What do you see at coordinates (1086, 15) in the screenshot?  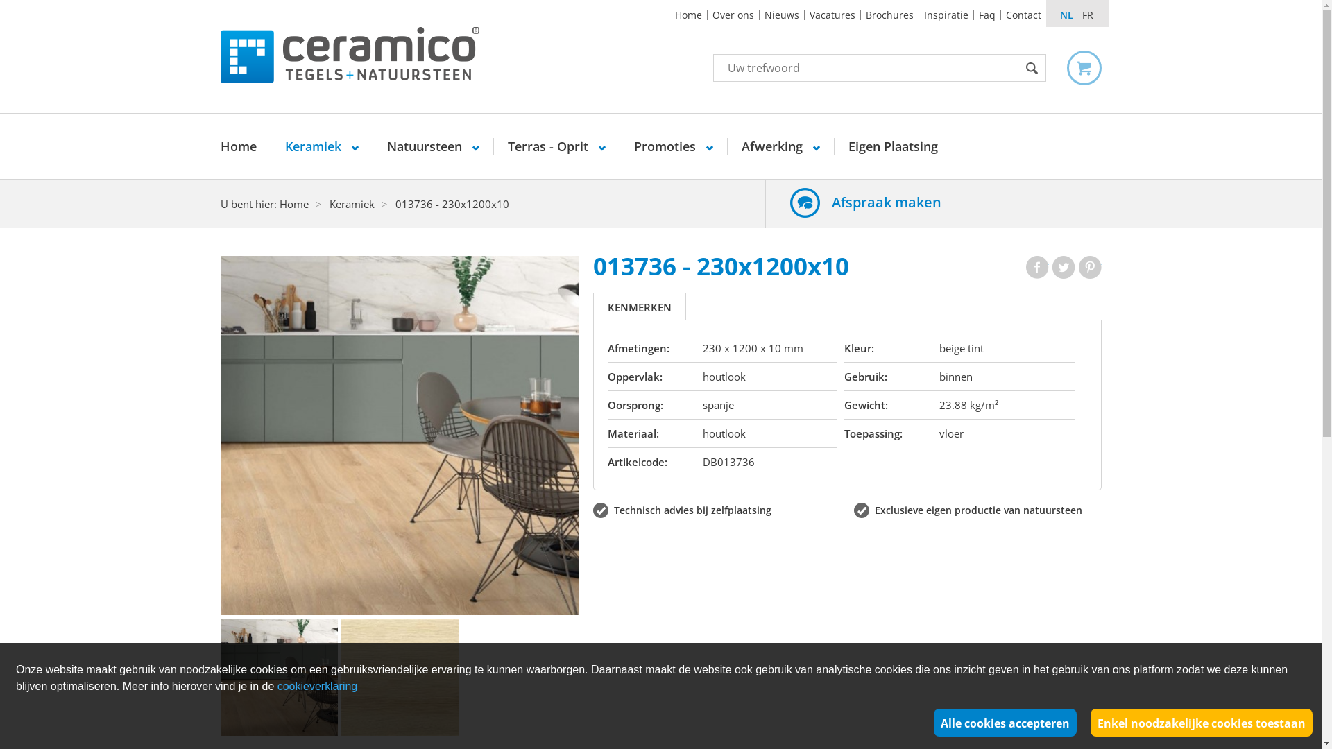 I see `'FR'` at bounding box center [1086, 15].